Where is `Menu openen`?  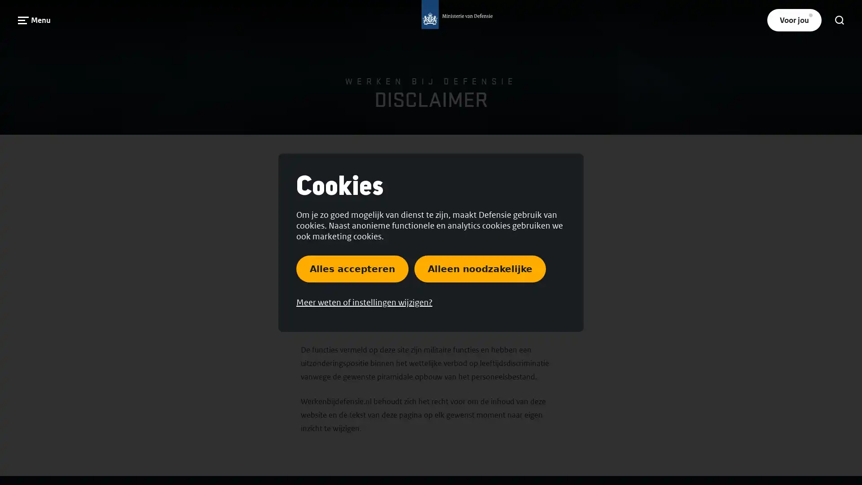
Menu openen is located at coordinates (34, 20).